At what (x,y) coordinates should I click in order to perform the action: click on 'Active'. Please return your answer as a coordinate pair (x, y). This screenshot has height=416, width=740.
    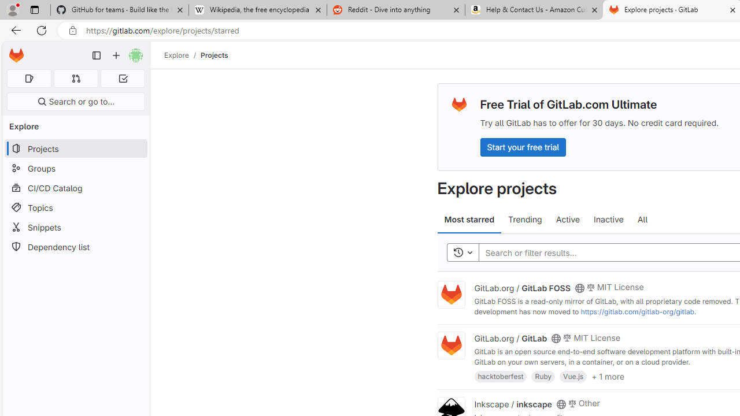
    Looking at the image, I should click on (568, 220).